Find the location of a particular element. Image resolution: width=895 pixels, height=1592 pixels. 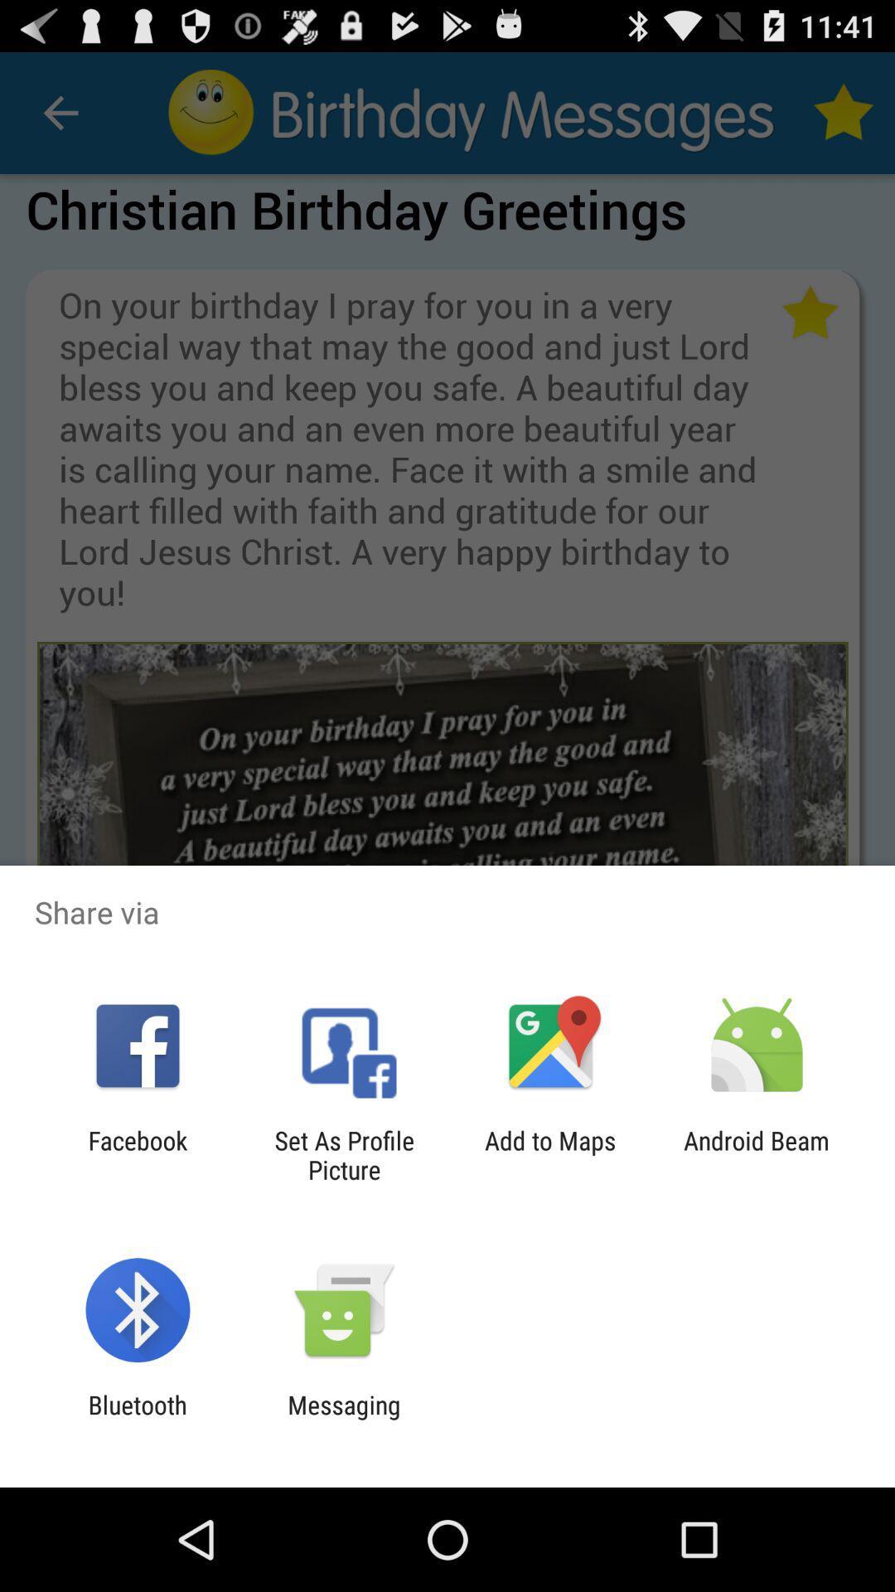

the facebook is located at coordinates (137, 1154).